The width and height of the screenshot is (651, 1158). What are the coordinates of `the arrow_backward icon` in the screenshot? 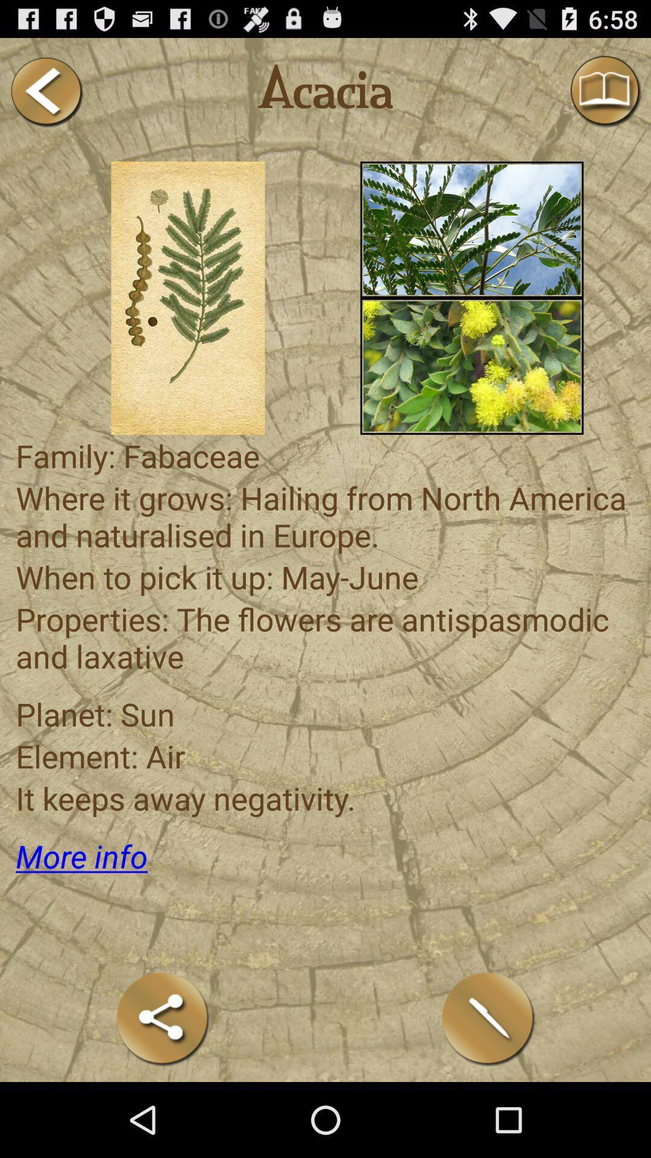 It's located at (45, 98).